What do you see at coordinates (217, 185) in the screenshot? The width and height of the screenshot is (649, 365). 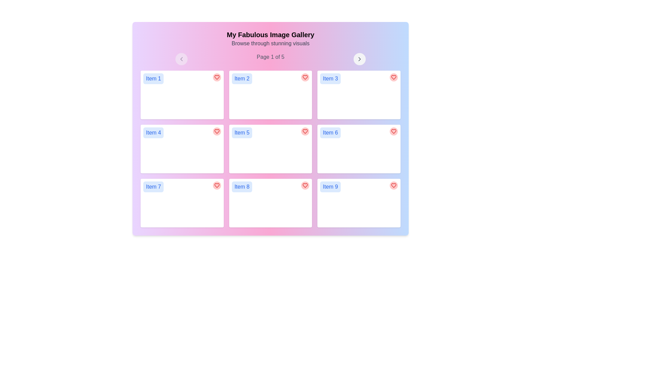 I see `the heart-shaped icon in the upper-right corner of the 'Item 7' box` at bounding box center [217, 185].